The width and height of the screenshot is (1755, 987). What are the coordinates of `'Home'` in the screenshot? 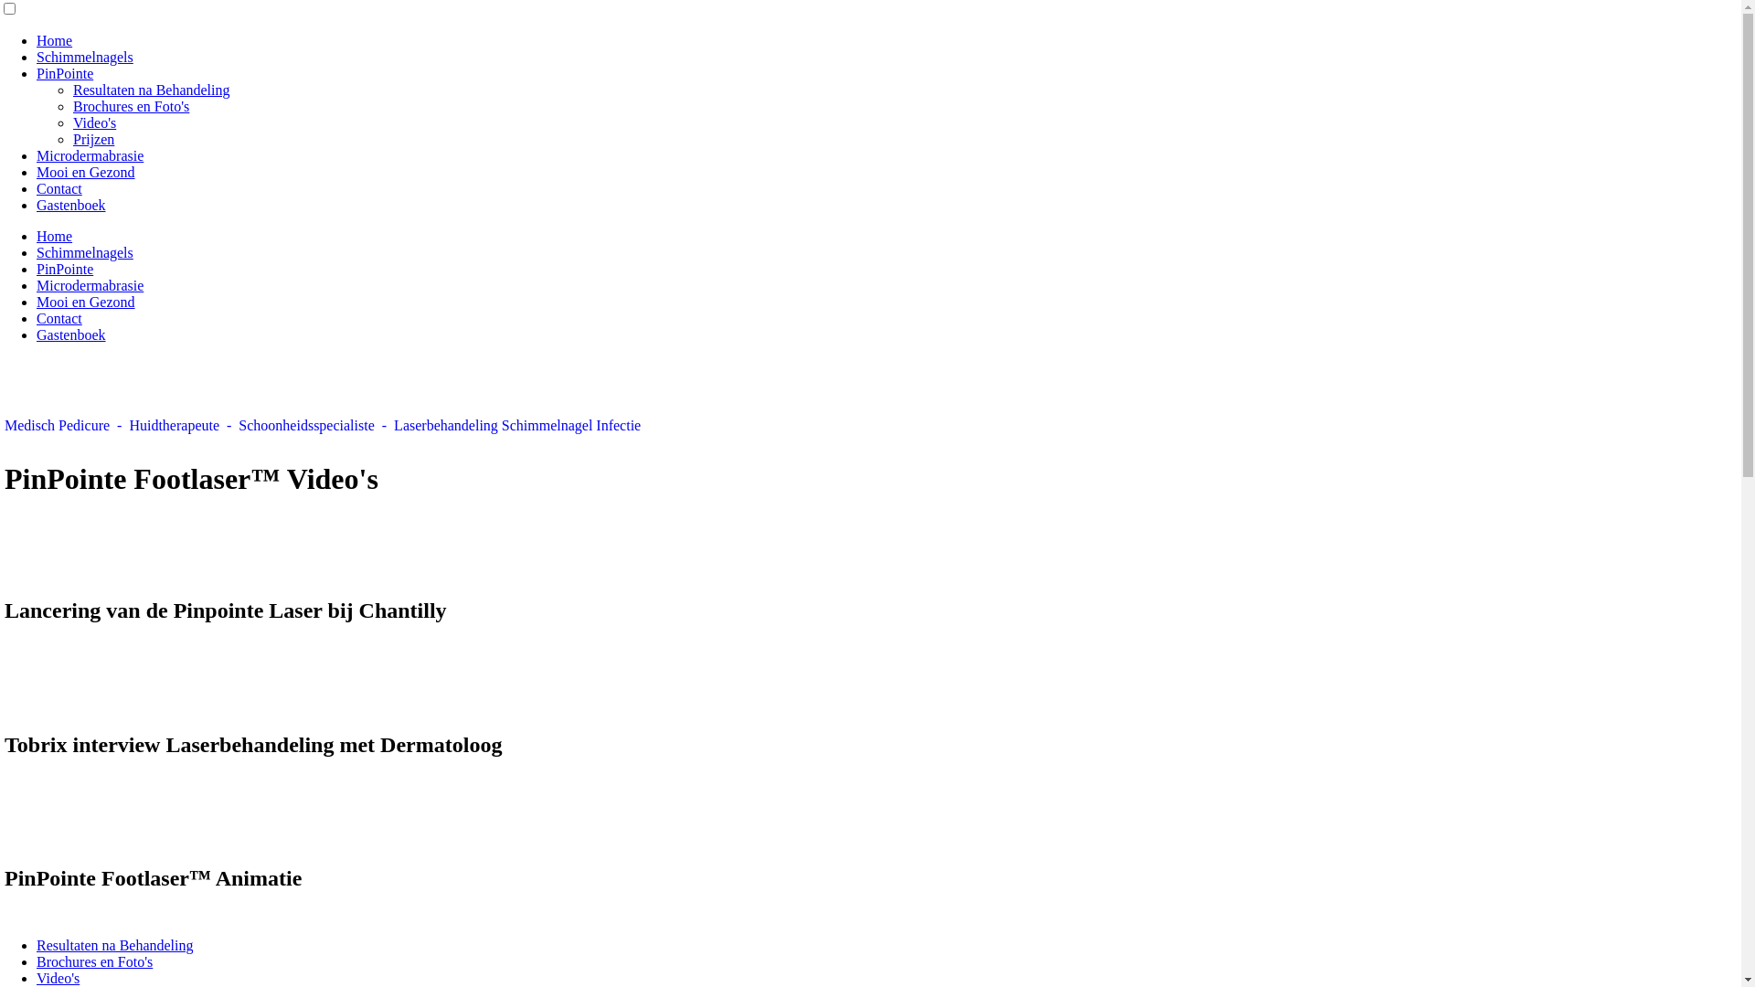 It's located at (54, 40).